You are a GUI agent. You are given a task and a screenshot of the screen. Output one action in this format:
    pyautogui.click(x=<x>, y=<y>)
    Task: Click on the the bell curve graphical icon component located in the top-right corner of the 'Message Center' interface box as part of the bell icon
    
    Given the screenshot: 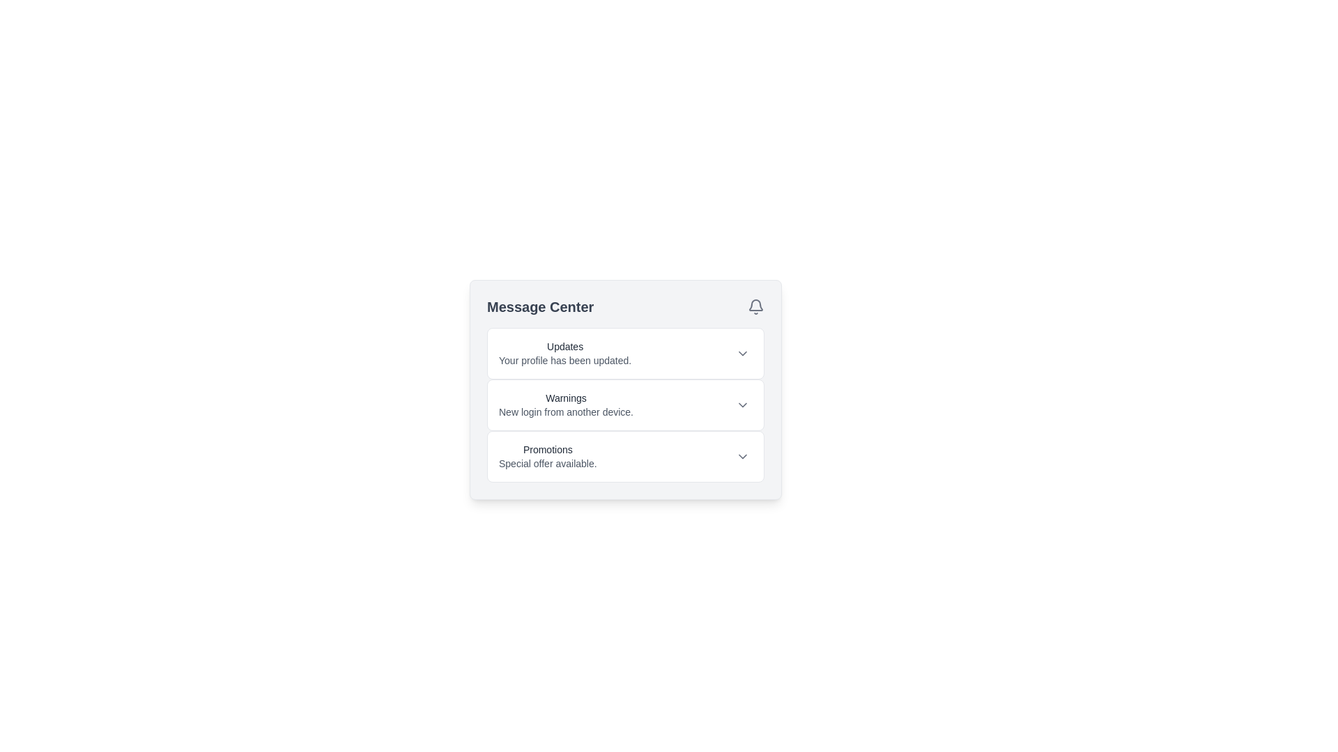 What is the action you would take?
    pyautogui.click(x=755, y=304)
    